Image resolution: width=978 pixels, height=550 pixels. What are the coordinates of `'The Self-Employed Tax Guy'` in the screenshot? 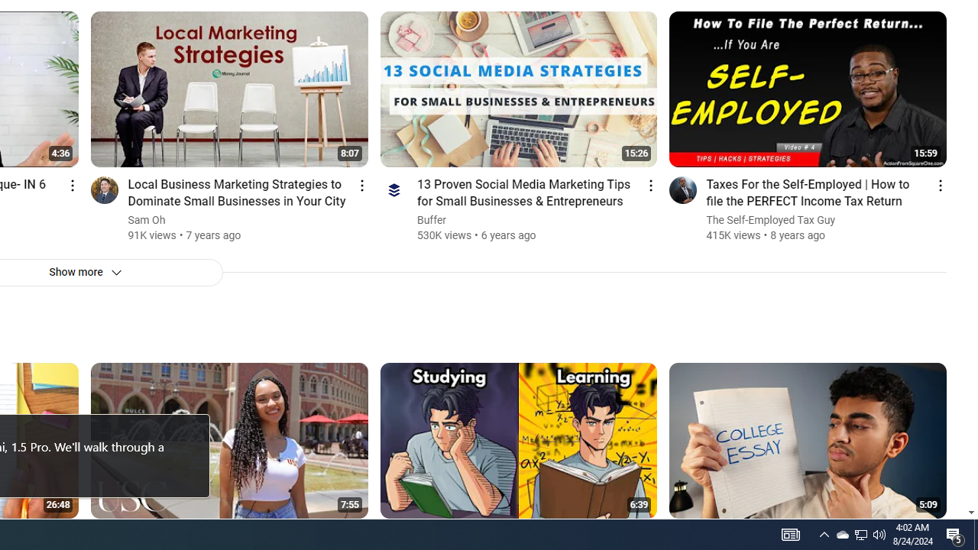 It's located at (771, 220).